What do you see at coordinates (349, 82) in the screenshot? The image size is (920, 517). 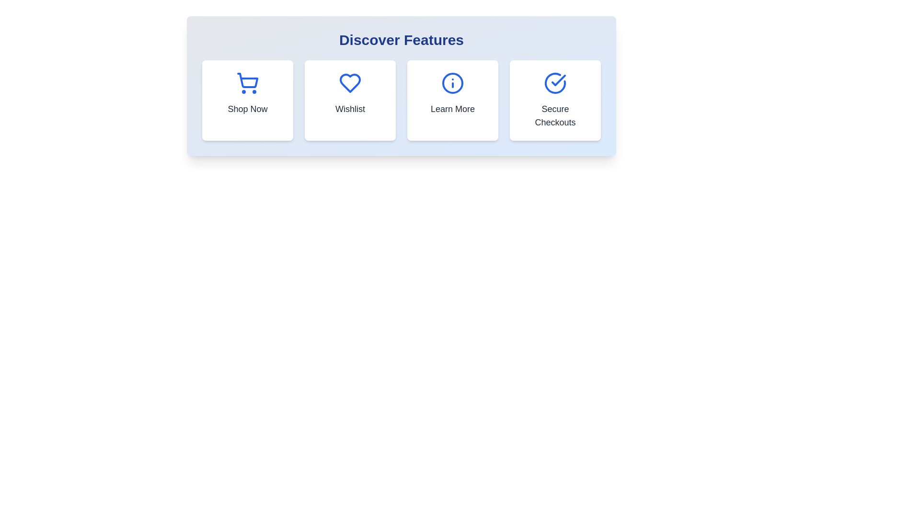 I see `the heart-shaped icon with a blue outline located centrally within the 'Wishlist' card, the second card in the row of four under the 'Discover Features' heading` at bounding box center [349, 82].